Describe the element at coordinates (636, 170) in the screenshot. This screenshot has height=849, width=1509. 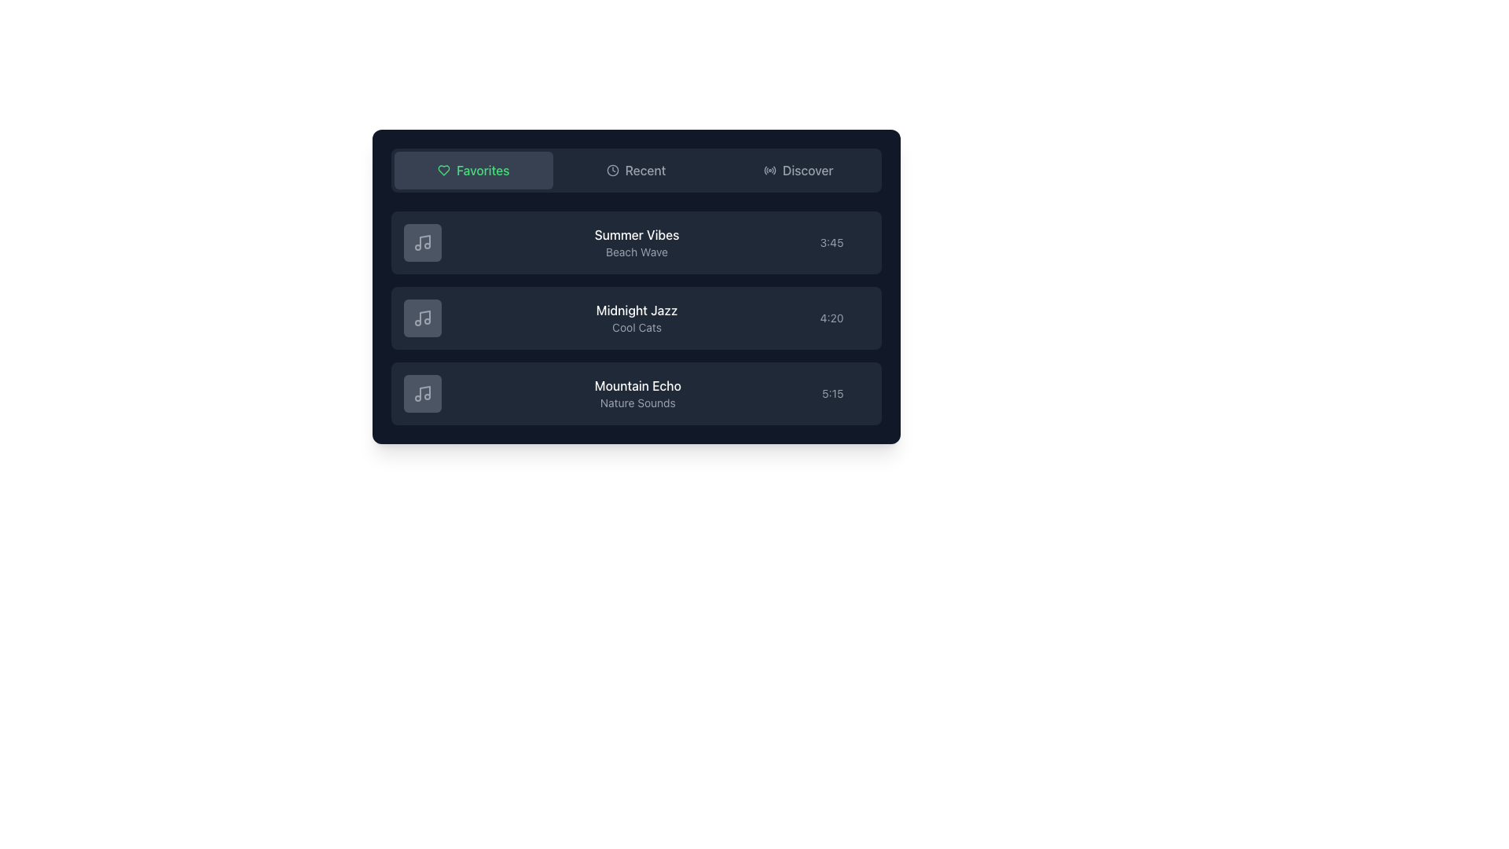
I see `the 'Recent' navigation tab, which is centered between the 'Favorites' and 'Discover' tabs` at that location.